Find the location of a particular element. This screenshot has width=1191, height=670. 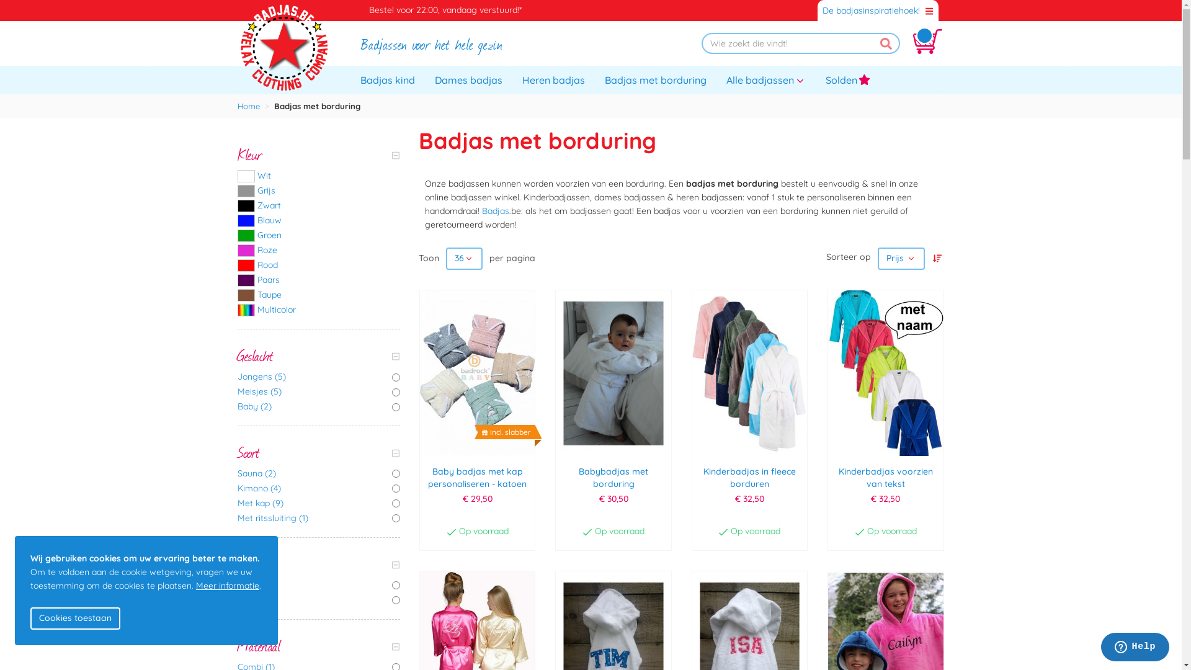

'Met kap is located at coordinates (237, 504).